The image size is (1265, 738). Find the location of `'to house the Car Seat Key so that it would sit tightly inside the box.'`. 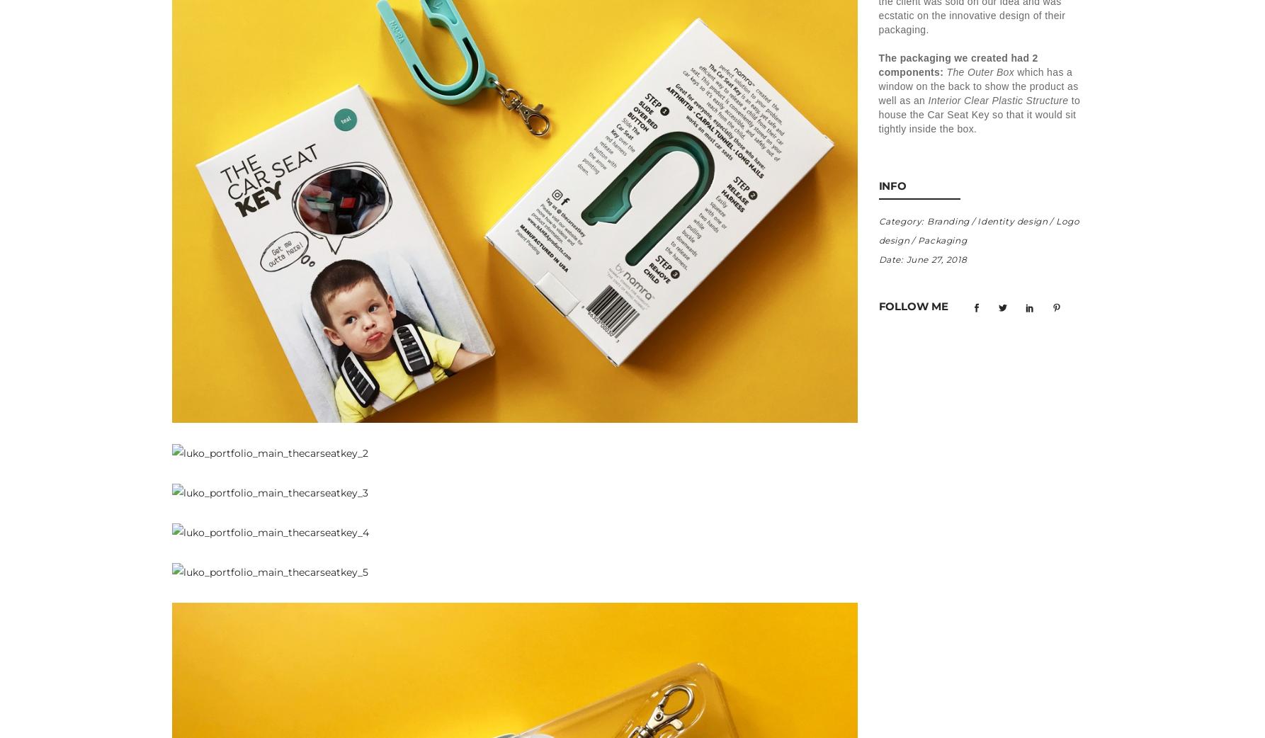

'to house the Car Seat Key so that it would sit tightly inside the box.' is located at coordinates (978, 113).